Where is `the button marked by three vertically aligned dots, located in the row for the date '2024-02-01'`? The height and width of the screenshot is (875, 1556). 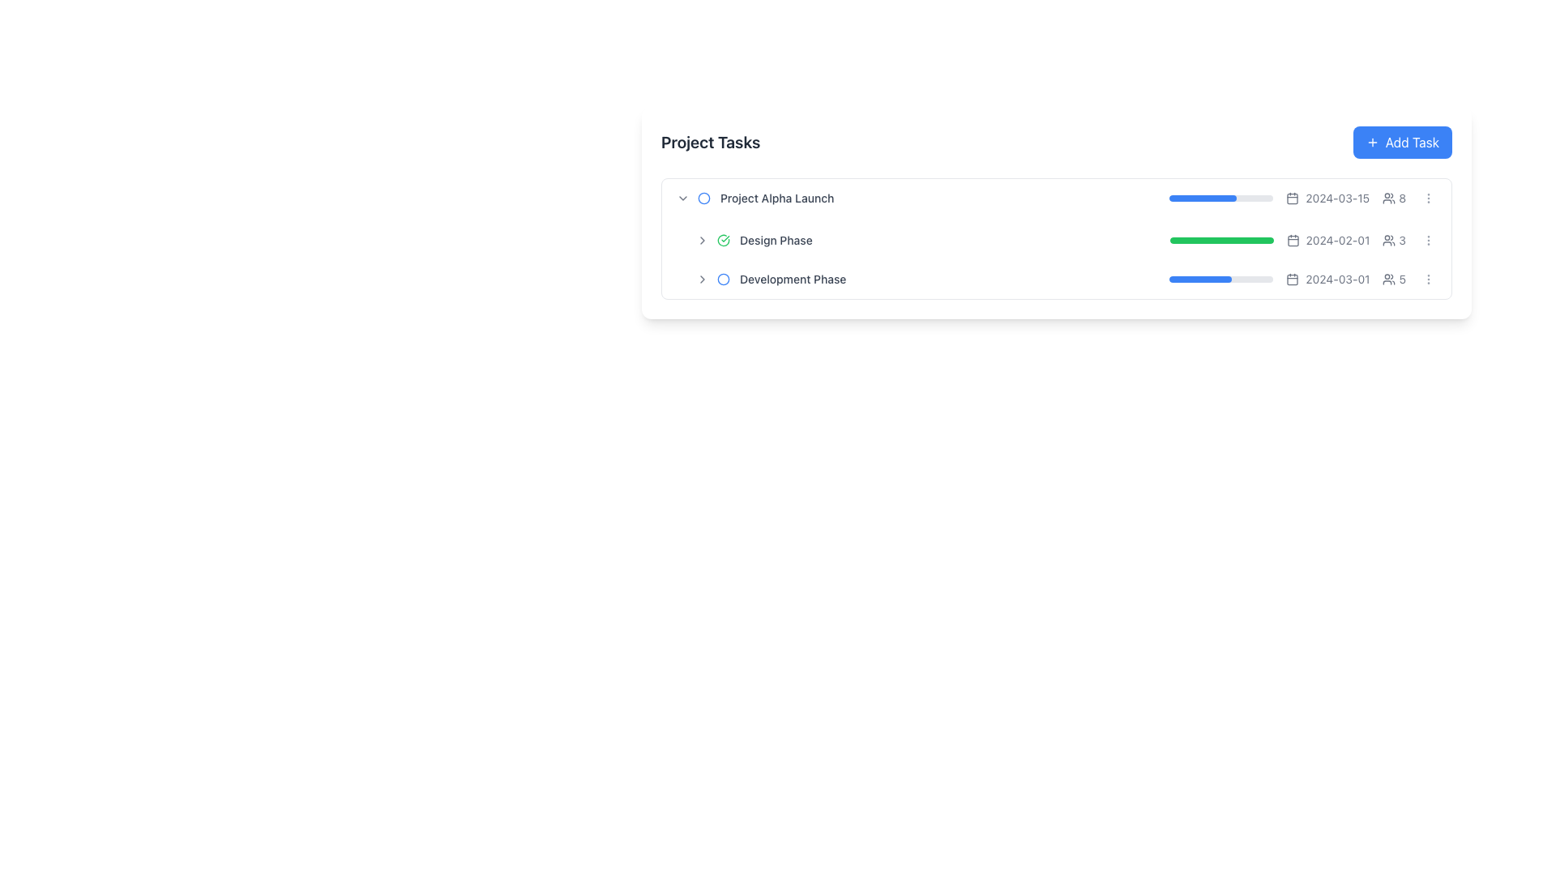
the button marked by three vertically aligned dots, located in the row for the date '2024-02-01' is located at coordinates (1428, 241).